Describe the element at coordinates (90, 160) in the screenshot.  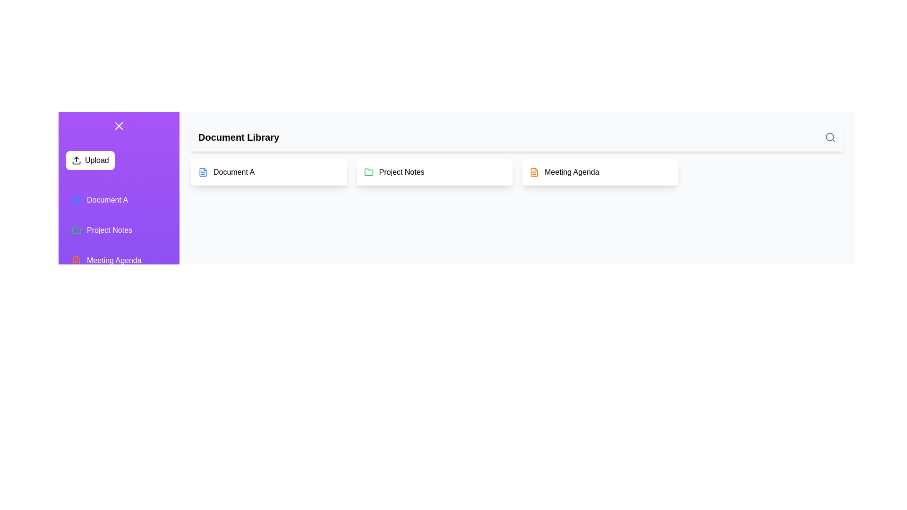
I see `the 'Upload' button to initiate the document upload process` at that location.